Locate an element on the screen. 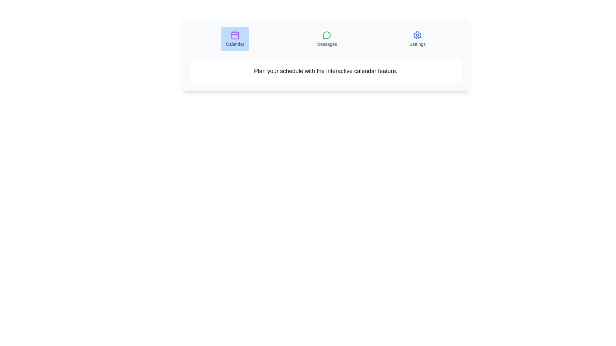 The height and width of the screenshot is (346, 616). the Messages tab to view its content is located at coordinates (327, 39).